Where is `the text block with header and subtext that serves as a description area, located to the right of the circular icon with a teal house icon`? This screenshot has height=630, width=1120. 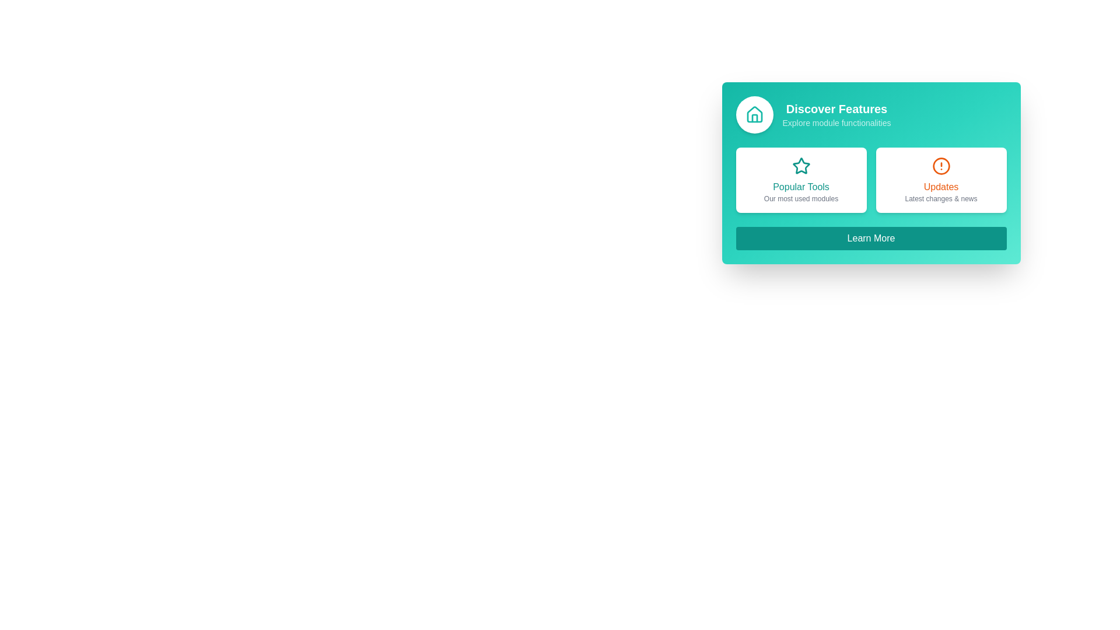 the text block with header and subtext that serves as a description area, located to the right of the circular icon with a teal house icon is located at coordinates (836, 114).